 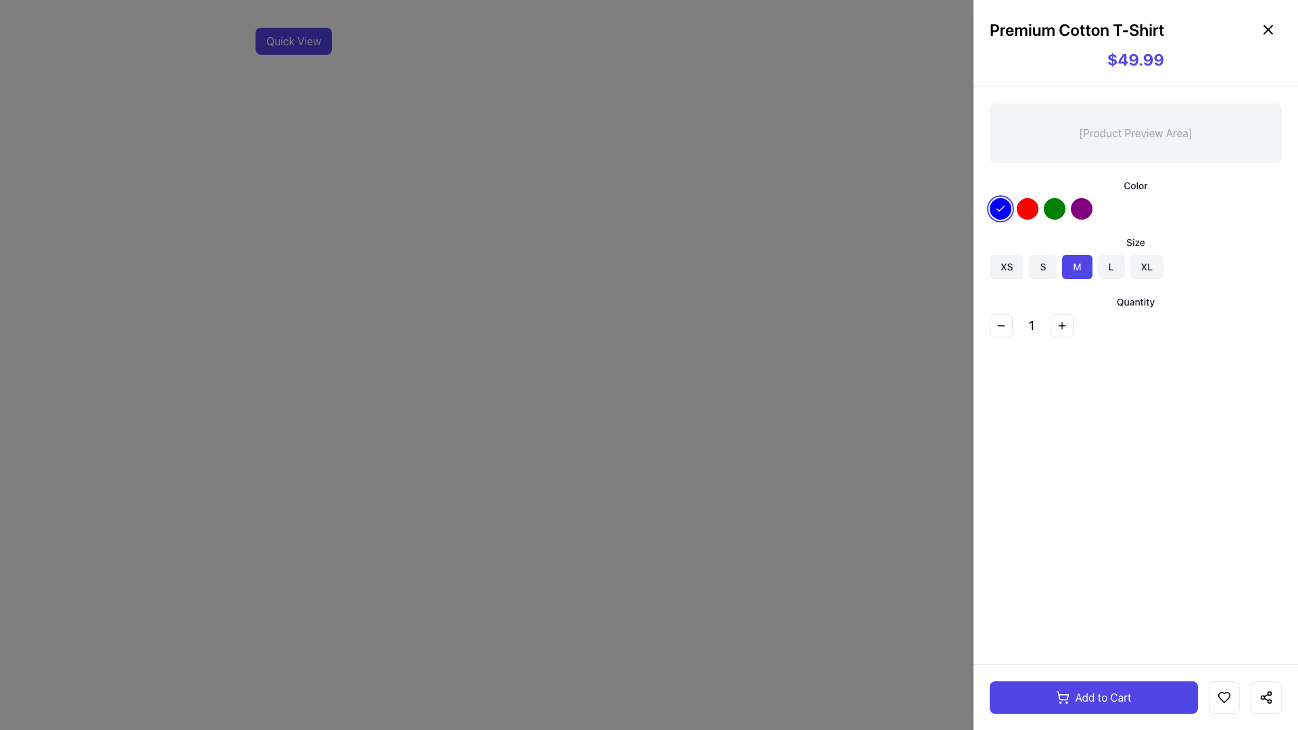 I want to click on the plus sign icon button located to the right of the quantity number in the 'Quantity' section of the product details panel to increment the quantity, so click(x=1061, y=326).